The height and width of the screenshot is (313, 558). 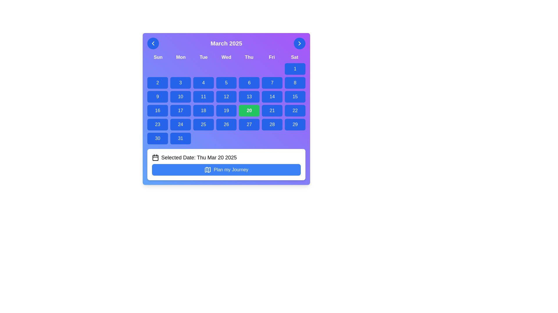 I want to click on the 'Friday' label in the calendar view, which is positioned between 'Thu' and 'Sat' in the weekly header, so click(x=271, y=57).